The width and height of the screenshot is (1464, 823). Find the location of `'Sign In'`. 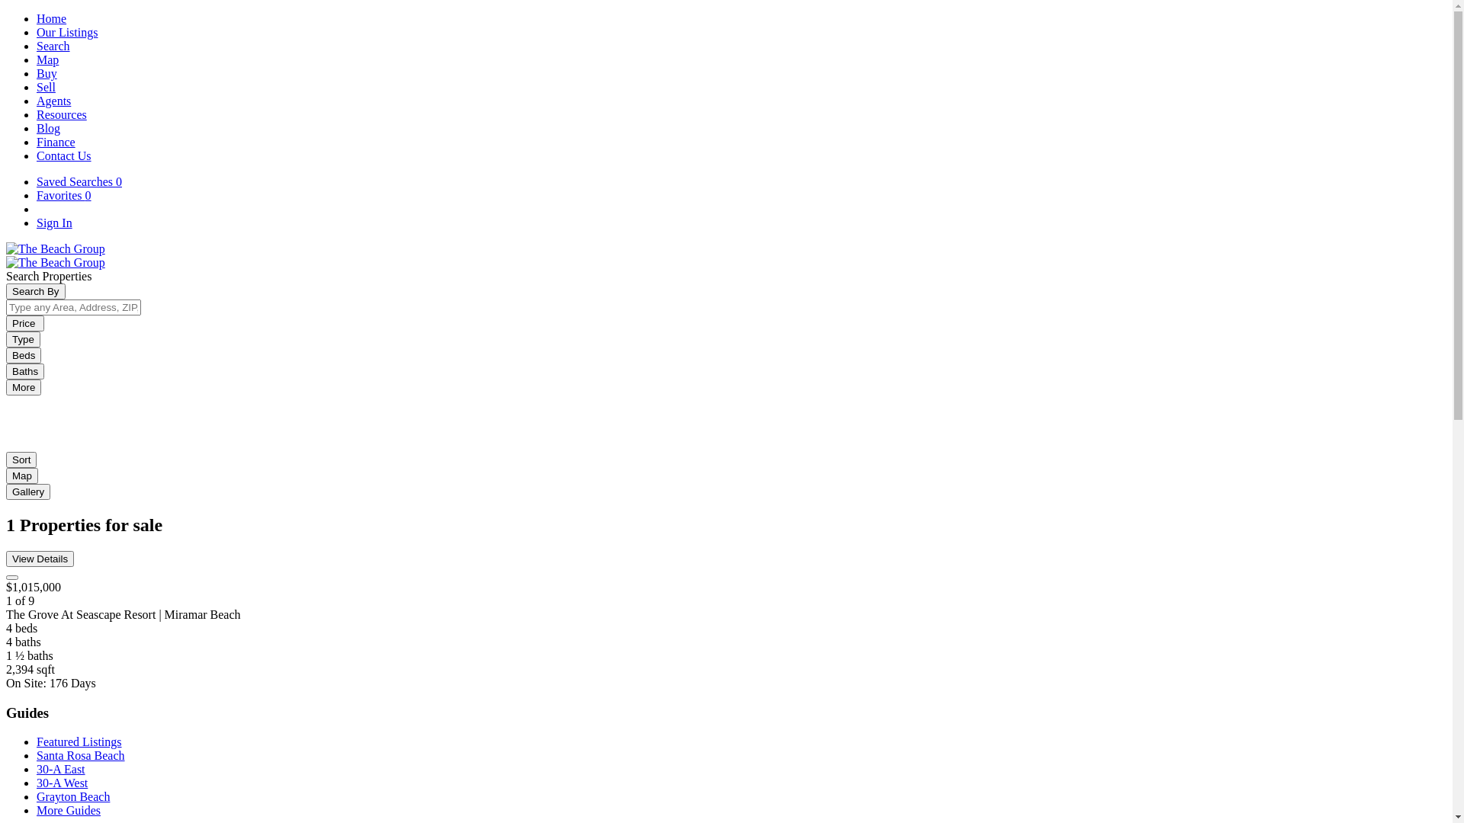

'Sign In' is located at coordinates (37, 223).